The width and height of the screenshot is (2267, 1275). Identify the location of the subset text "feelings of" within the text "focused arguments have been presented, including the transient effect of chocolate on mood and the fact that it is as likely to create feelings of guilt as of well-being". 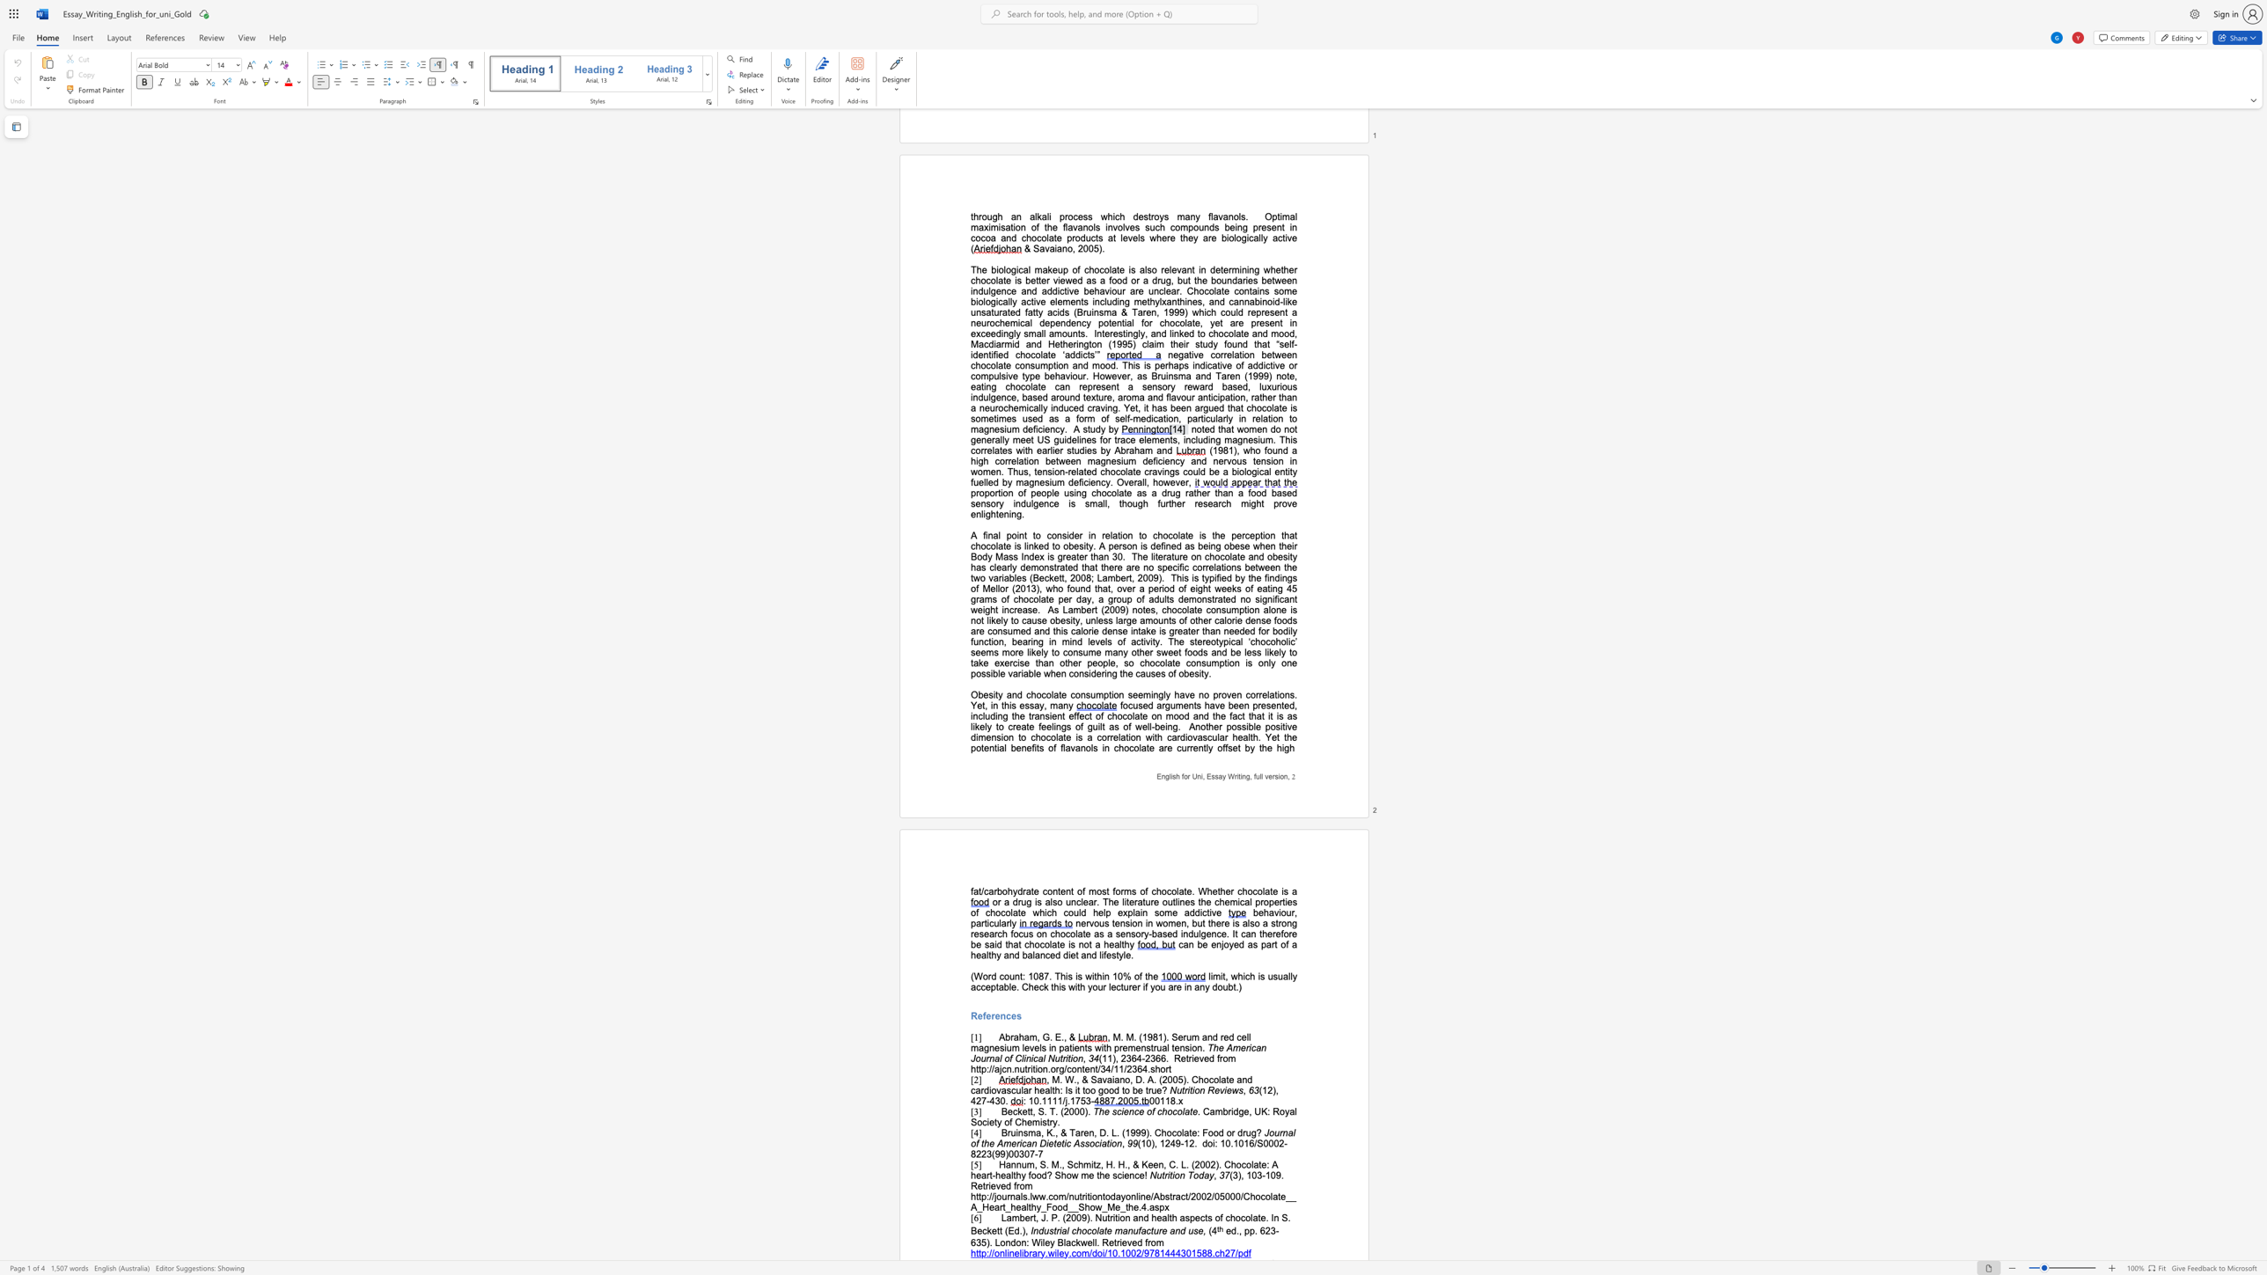
(1038, 726).